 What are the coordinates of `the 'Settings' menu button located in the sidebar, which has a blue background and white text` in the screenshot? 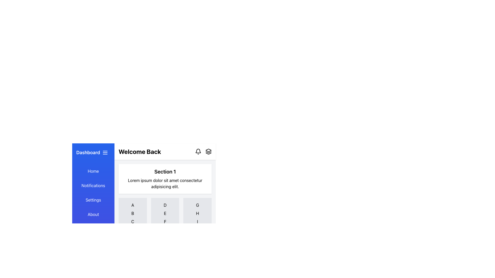 It's located at (93, 199).